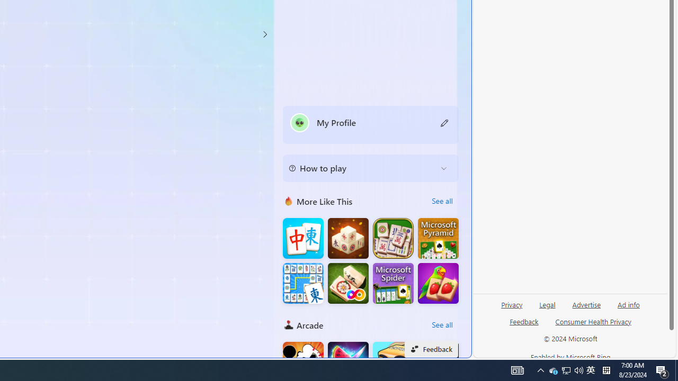 This screenshot has height=381, width=678. Describe the element at coordinates (512, 304) in the screenshot. I see `'Privacy'` at that location.